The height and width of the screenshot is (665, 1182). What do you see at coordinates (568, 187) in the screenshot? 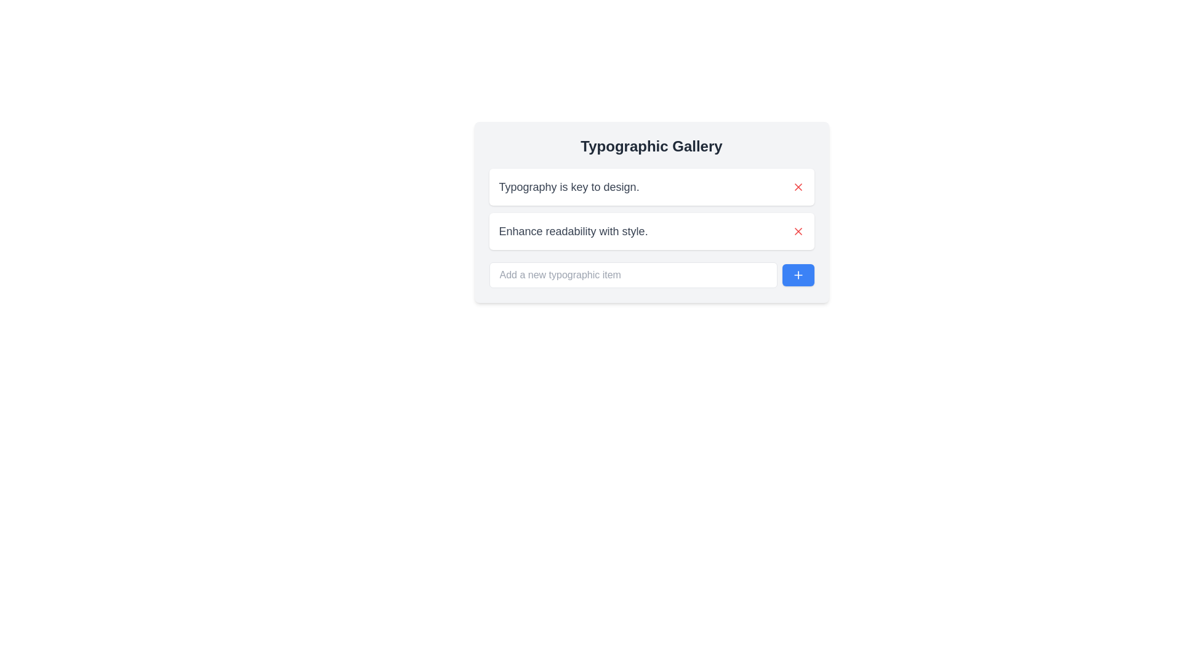
I see `the static text label that states 'Typography is key to design.' displayed in a large gray font style, located in the top-middle area of the interface` at bounding box center [568, 187].